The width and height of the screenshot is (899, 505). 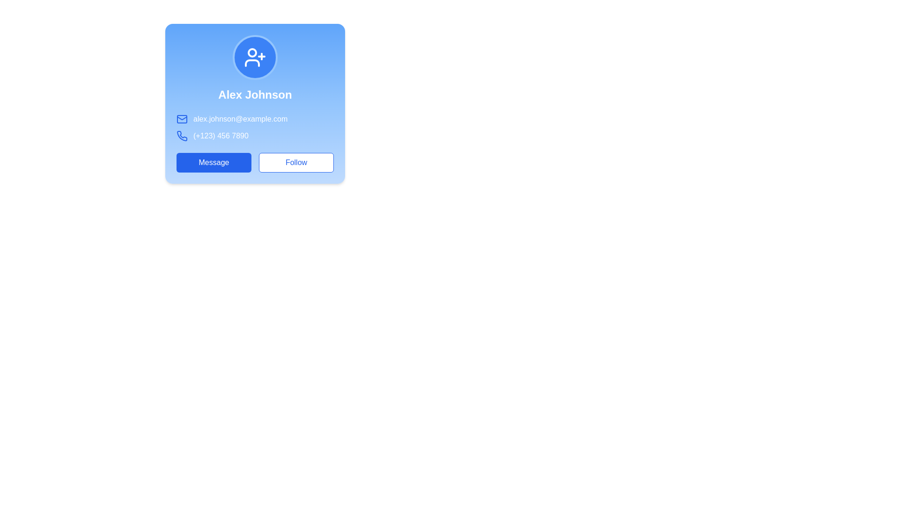 What do you see at coordinates (255, 58) in the screenshot?
I see `the user silhouette icon with a plus sign on a blue circular background, located at the top section of the user card interface` at bounding box center [255, 58].